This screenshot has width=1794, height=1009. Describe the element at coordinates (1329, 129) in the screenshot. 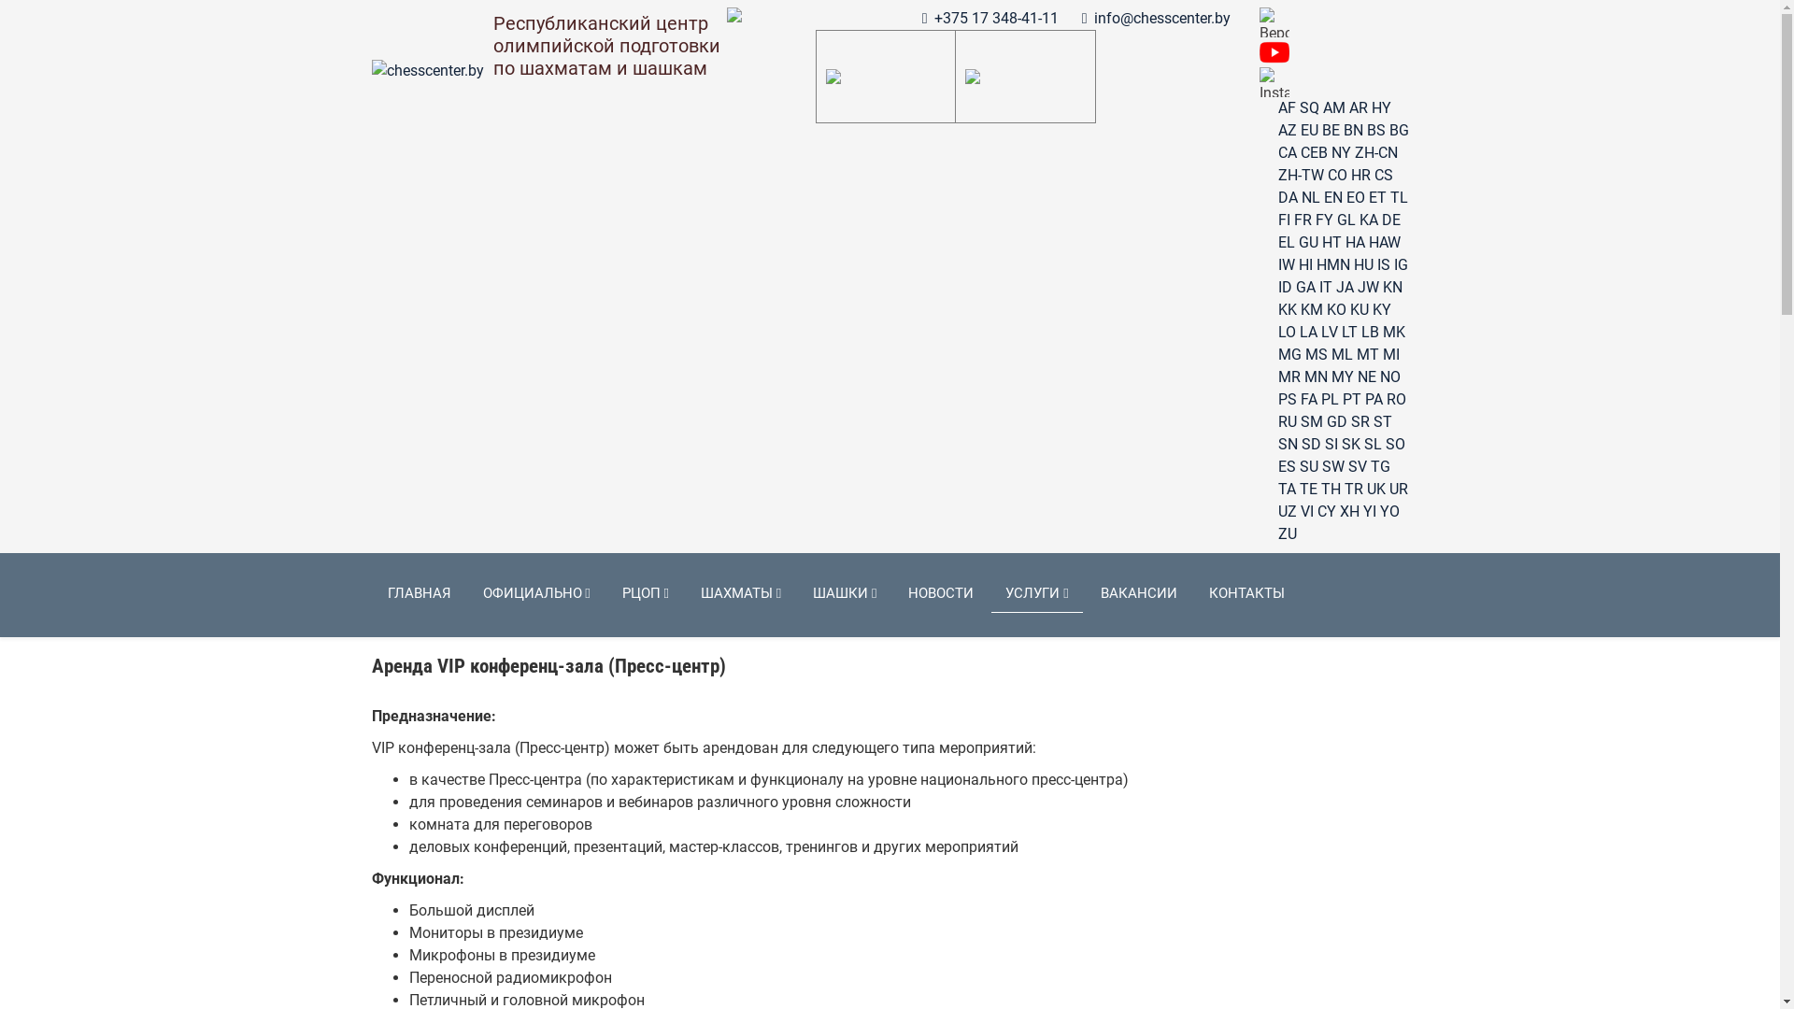

I see `'BE'` at that location.